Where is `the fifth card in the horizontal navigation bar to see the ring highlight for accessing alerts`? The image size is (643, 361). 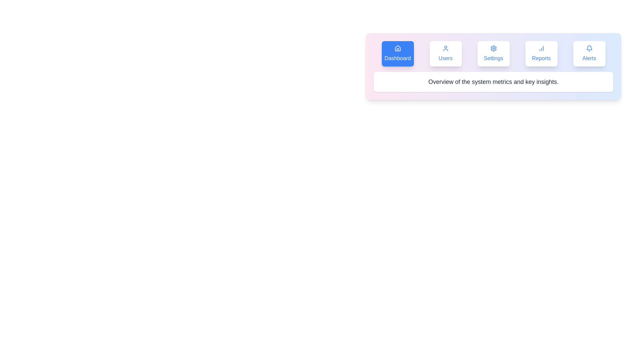 the fifth card in the horizontal navigation bar to see the ring highlight for accessing alerts is located at coordinates (589, 53).